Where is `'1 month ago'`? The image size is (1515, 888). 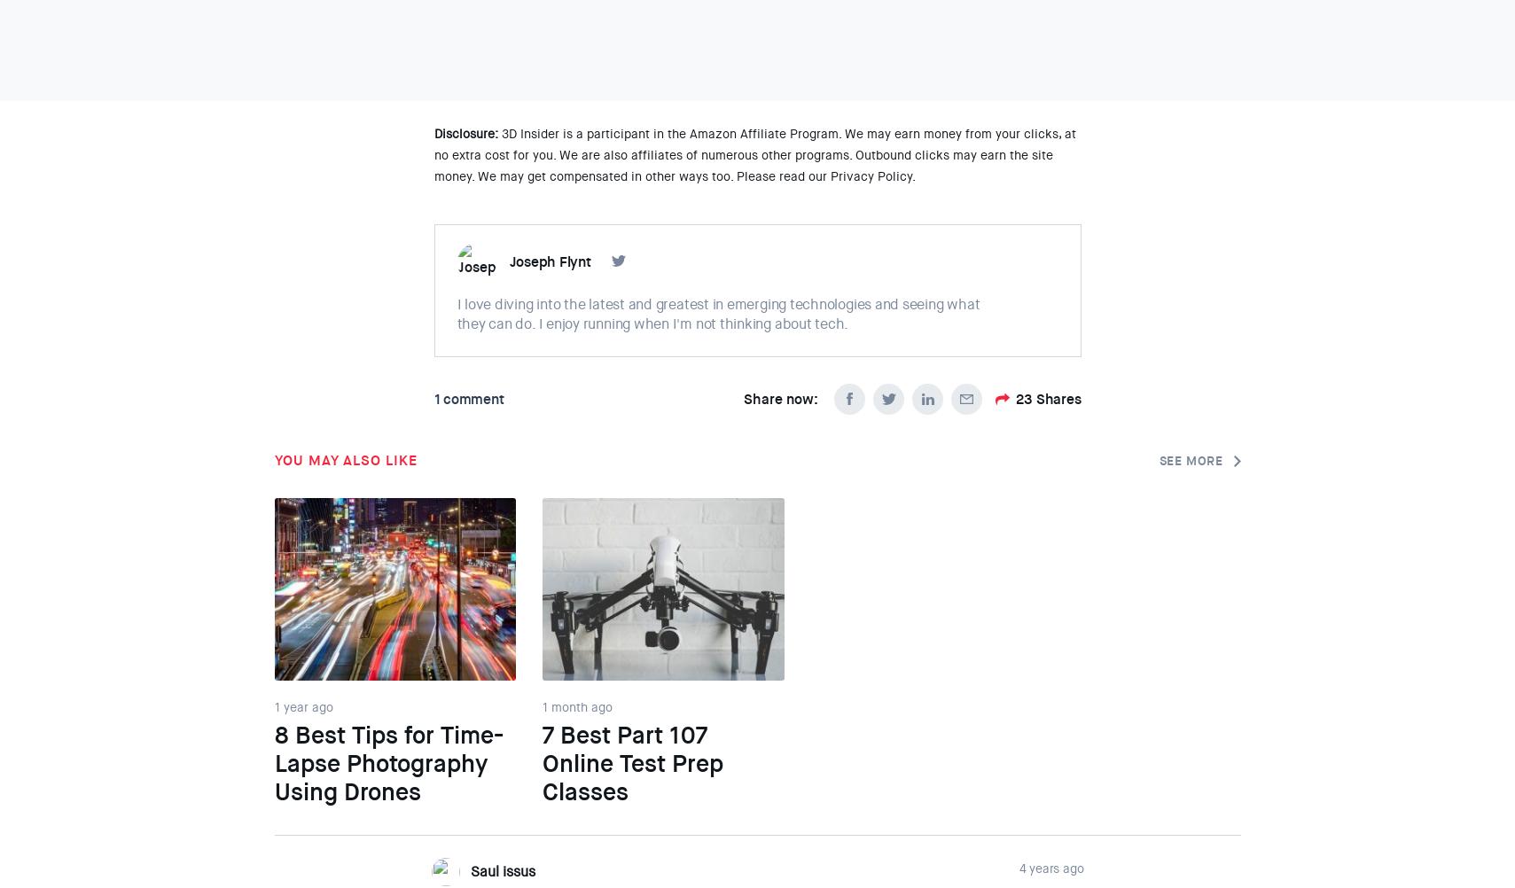 '1 month ago' is located at coordinates (576, 705).